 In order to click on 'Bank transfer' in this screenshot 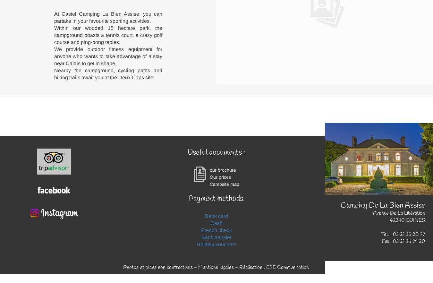, I will do `click(216, 237)`.